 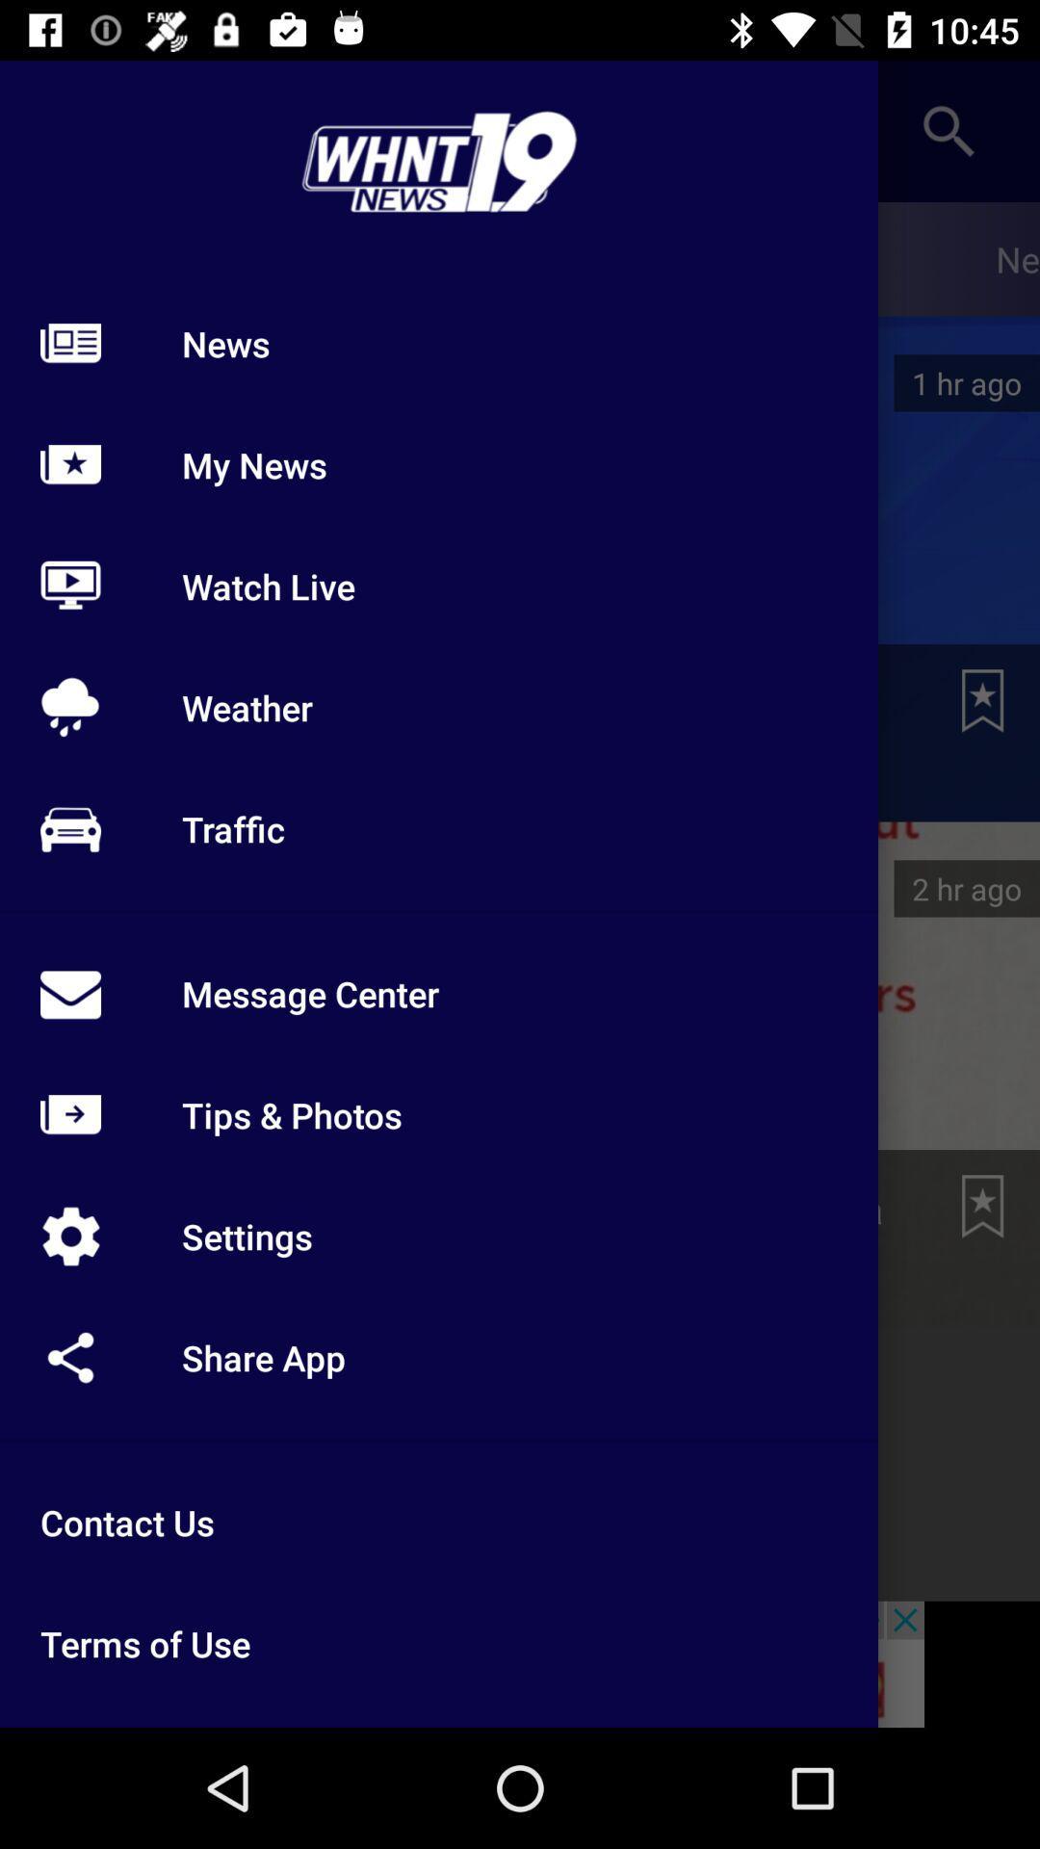 What do you see at coordinates (948, 130) in the screenshot?
I see `the search icon` at bounding box center [948, 130].